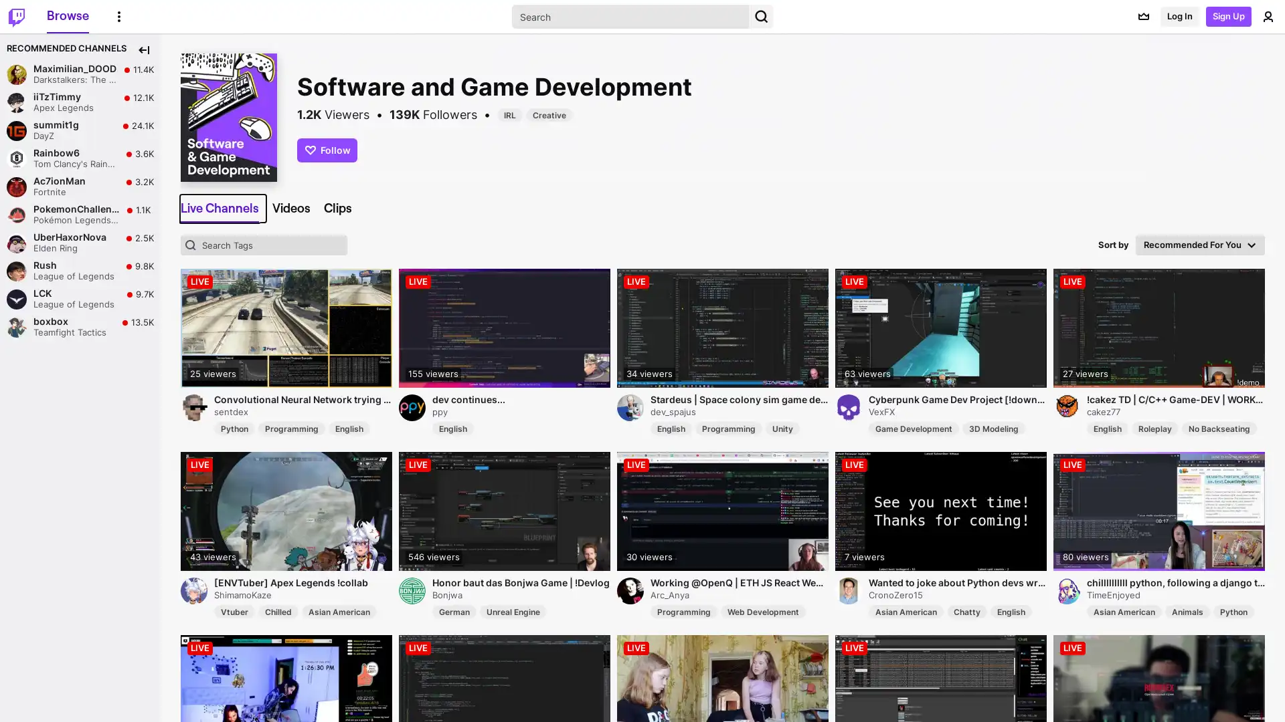 The height and width of the screenshot is (722, 1285). I want to click on Recommended For You, so click(1200, 245).